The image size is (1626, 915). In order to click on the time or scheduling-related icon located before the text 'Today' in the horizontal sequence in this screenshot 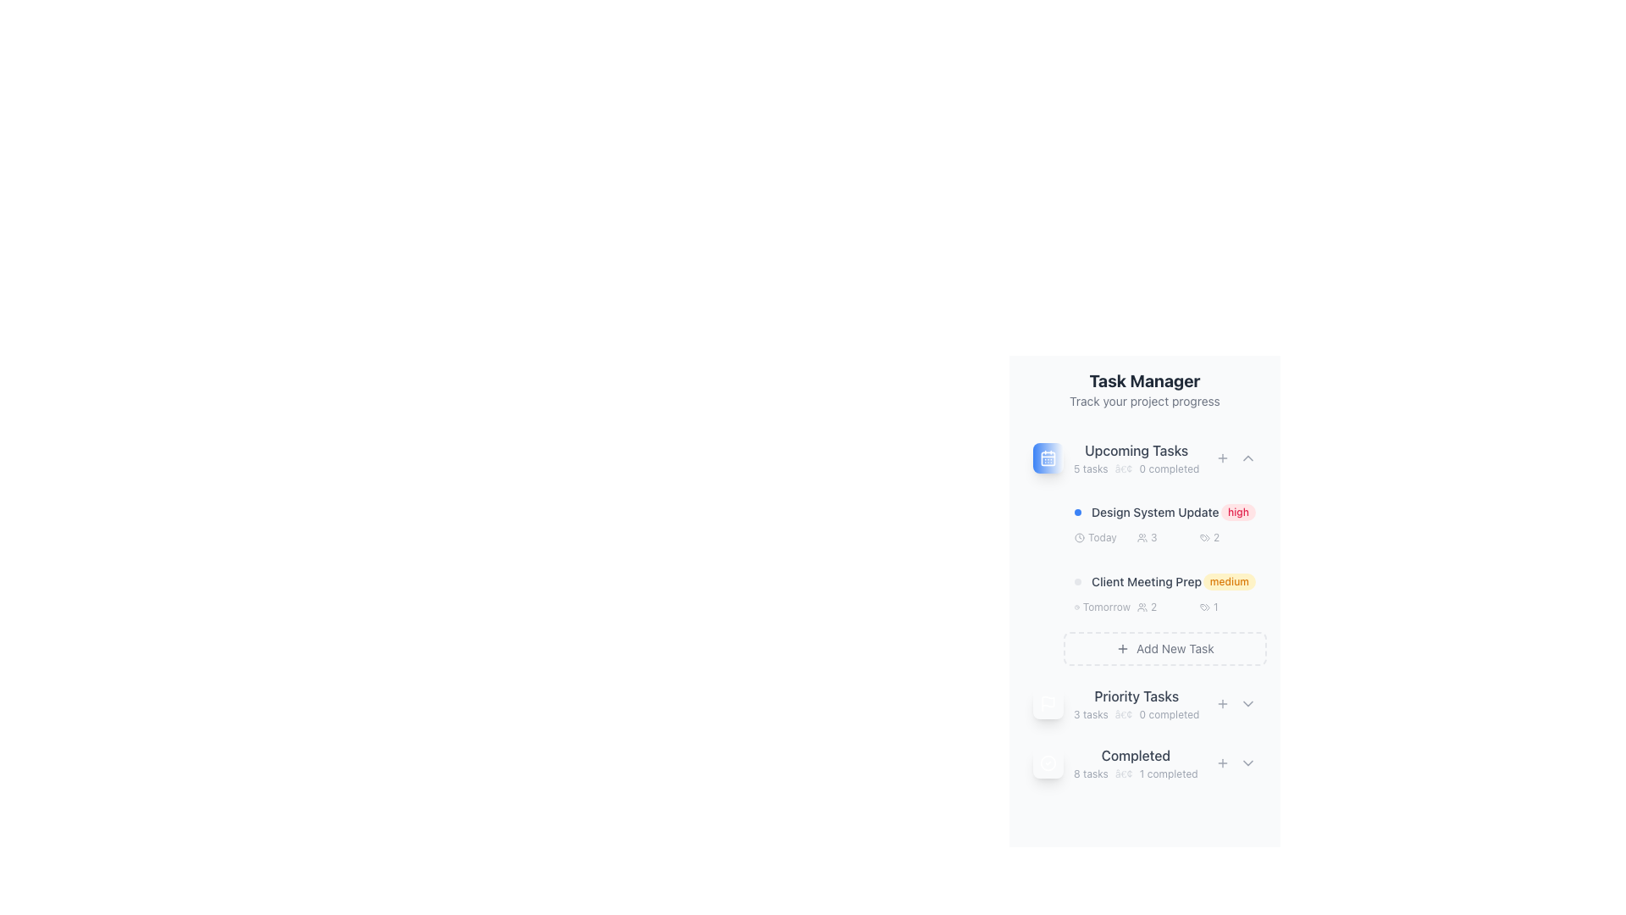, I will do `click(1079, 538)`.